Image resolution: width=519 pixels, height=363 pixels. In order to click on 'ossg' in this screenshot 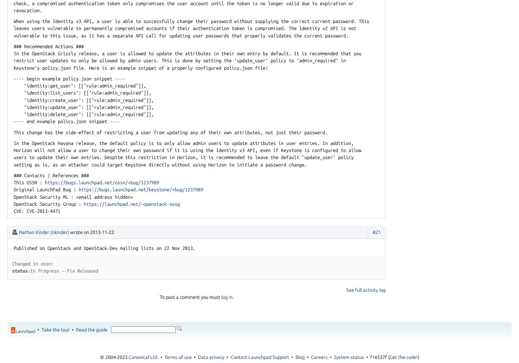, I will do `click(174, 203)`.